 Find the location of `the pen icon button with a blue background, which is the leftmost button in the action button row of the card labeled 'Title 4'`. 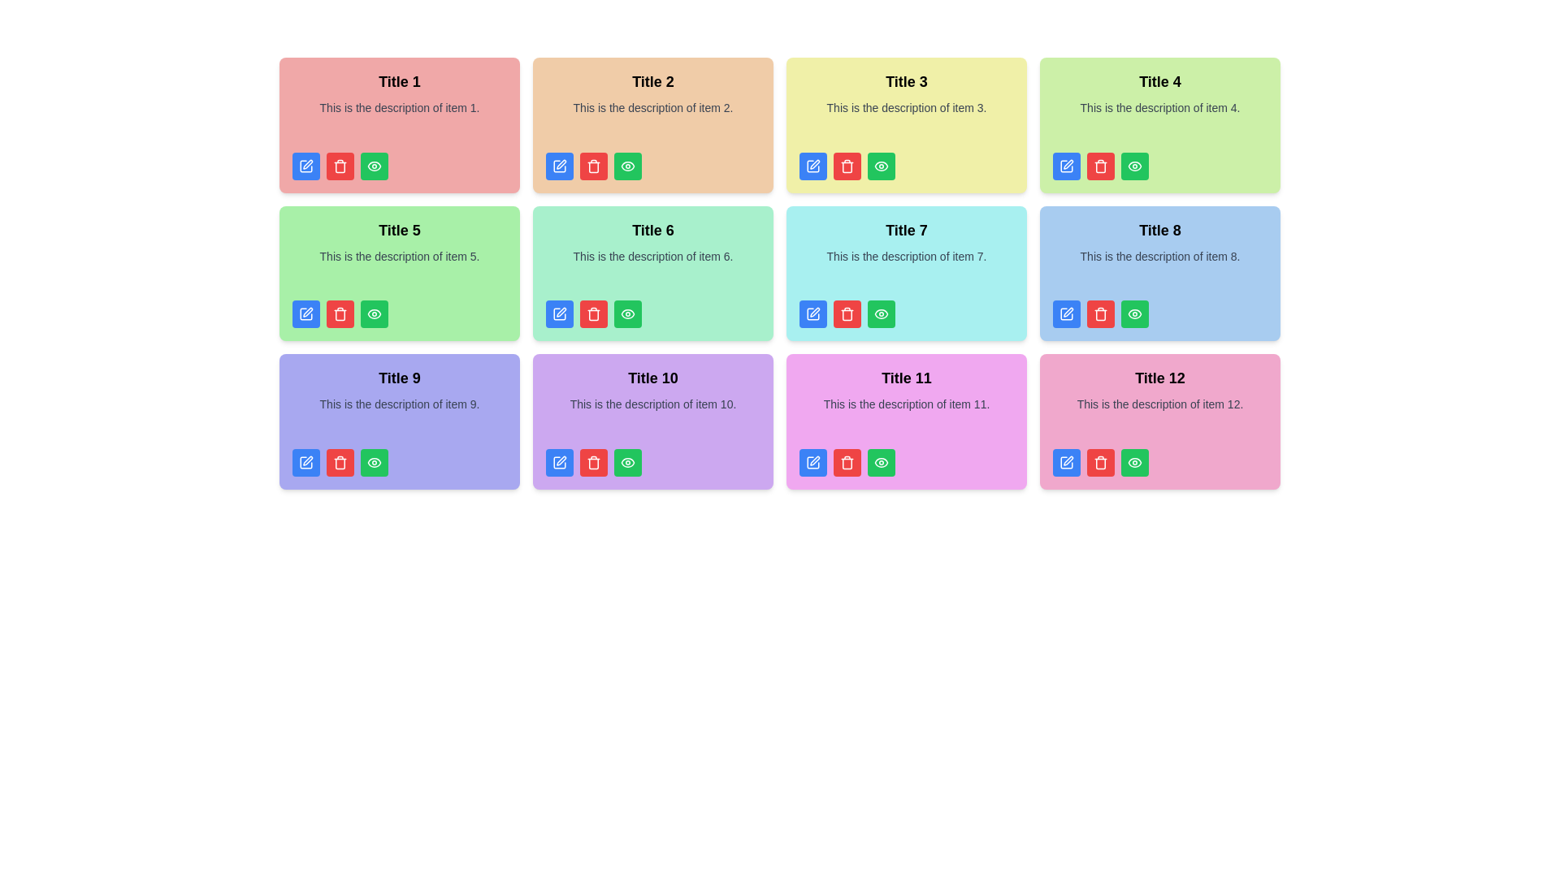

the pen icon button with a blue background, which is the leftmost button in the action button row of the card labeled 'Title 4' is located at coordinates (1067, 166).